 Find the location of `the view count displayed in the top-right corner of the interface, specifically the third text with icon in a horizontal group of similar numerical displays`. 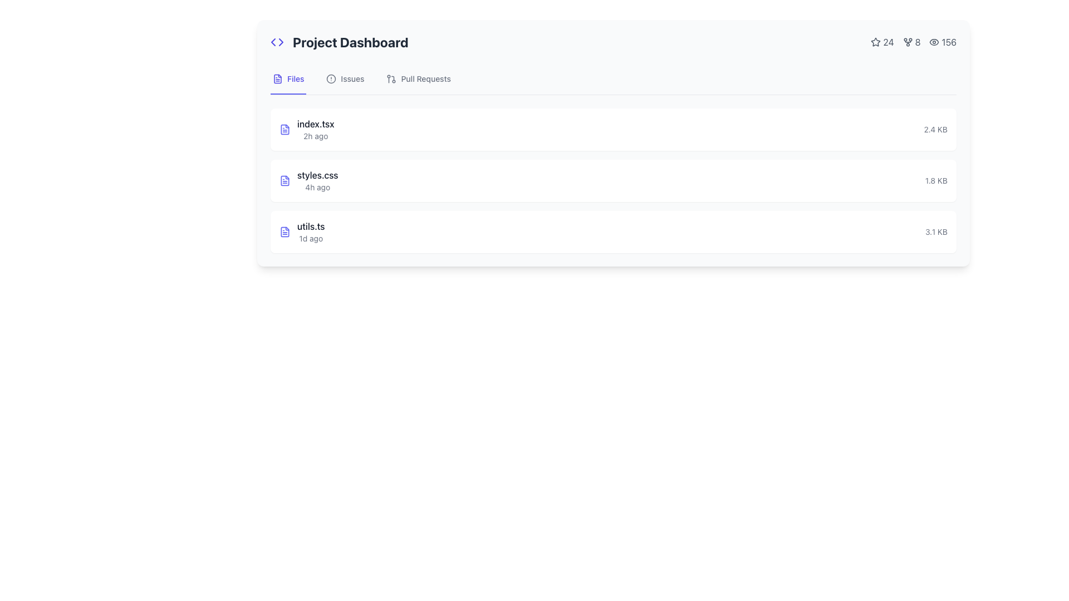

the view count displayed in the top-right corner of the interface, specifically the third text with icon in a horizontal group of similar numerical displays is located at coordinates (942, 42).